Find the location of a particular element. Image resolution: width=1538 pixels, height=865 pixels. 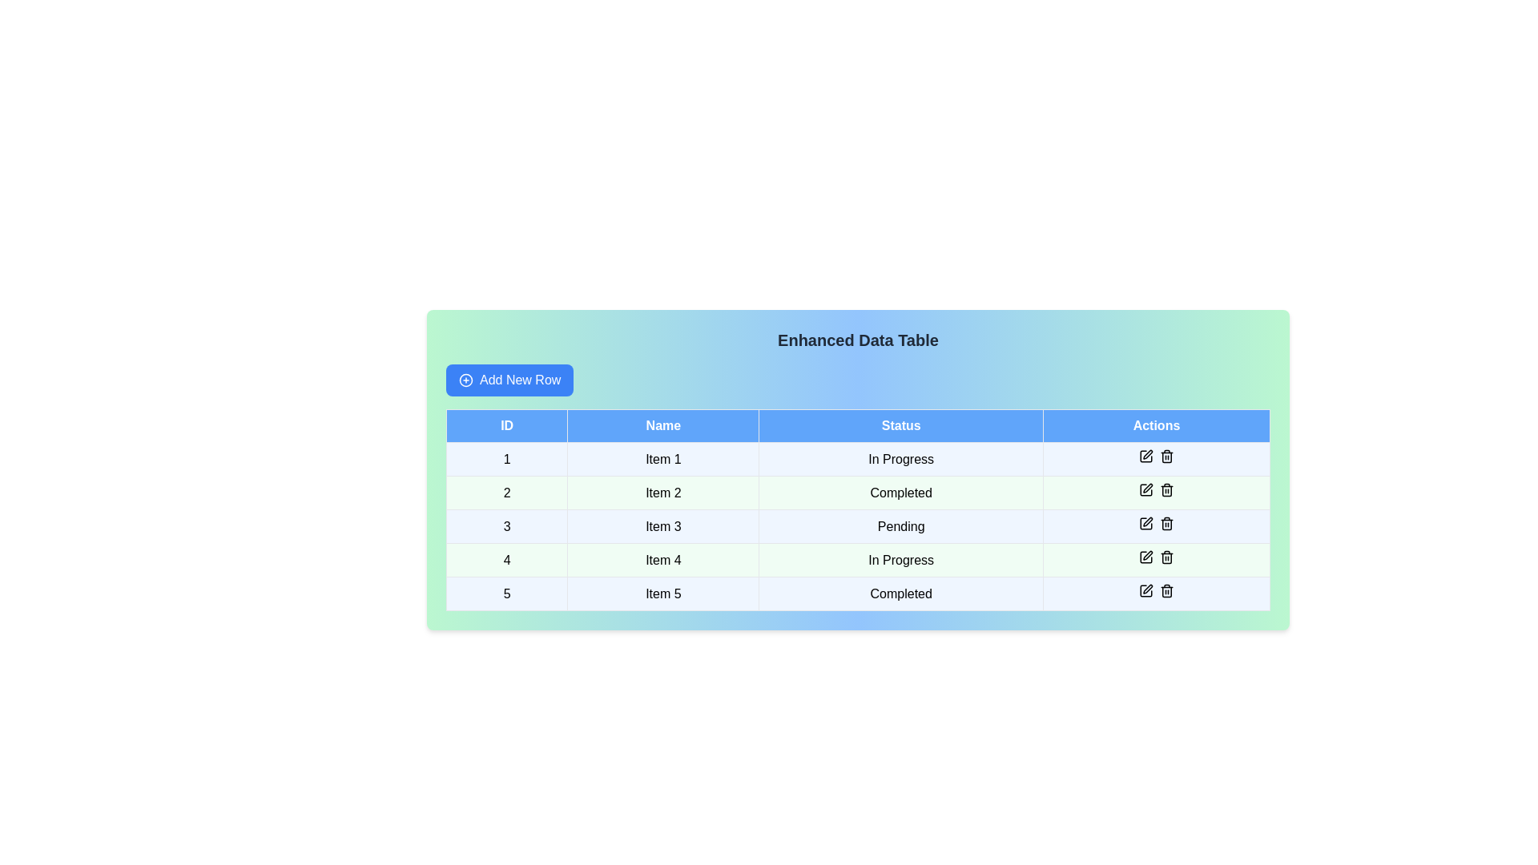

the 'Actions' header label in the table, which is a rectangular item with white text on a blue background is located at coordinates (1157, 425).